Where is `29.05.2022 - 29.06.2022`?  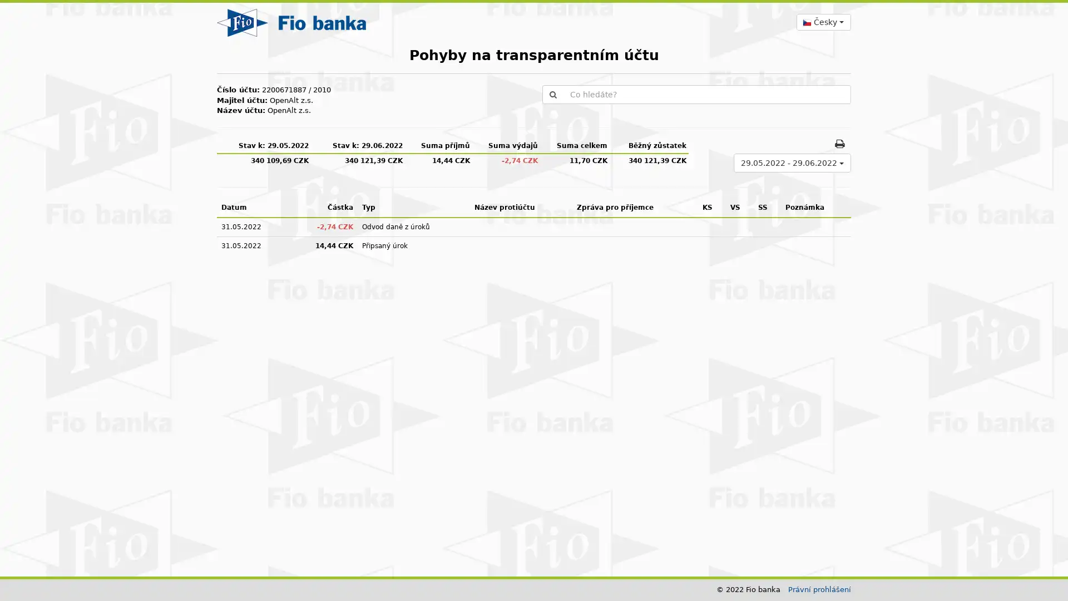
29.05.2022 - 29.06.2022 is located at coordinates (792, 162).